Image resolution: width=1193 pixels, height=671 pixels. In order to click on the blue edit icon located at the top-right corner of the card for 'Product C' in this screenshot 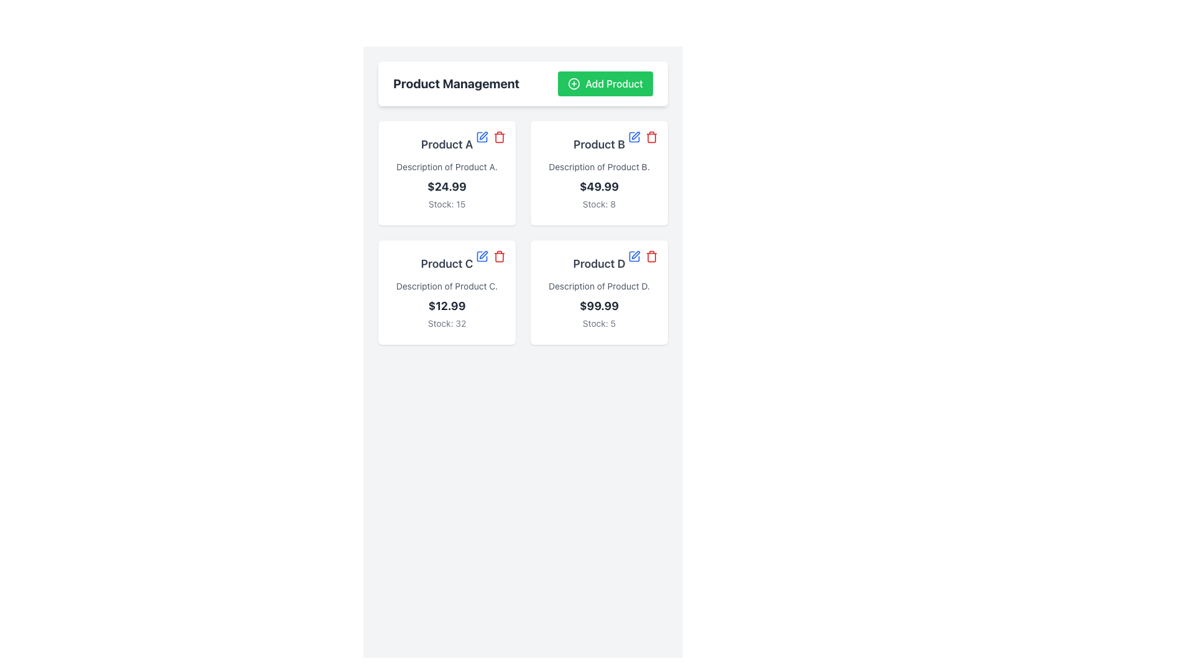, I will do `click(482, 255)`.